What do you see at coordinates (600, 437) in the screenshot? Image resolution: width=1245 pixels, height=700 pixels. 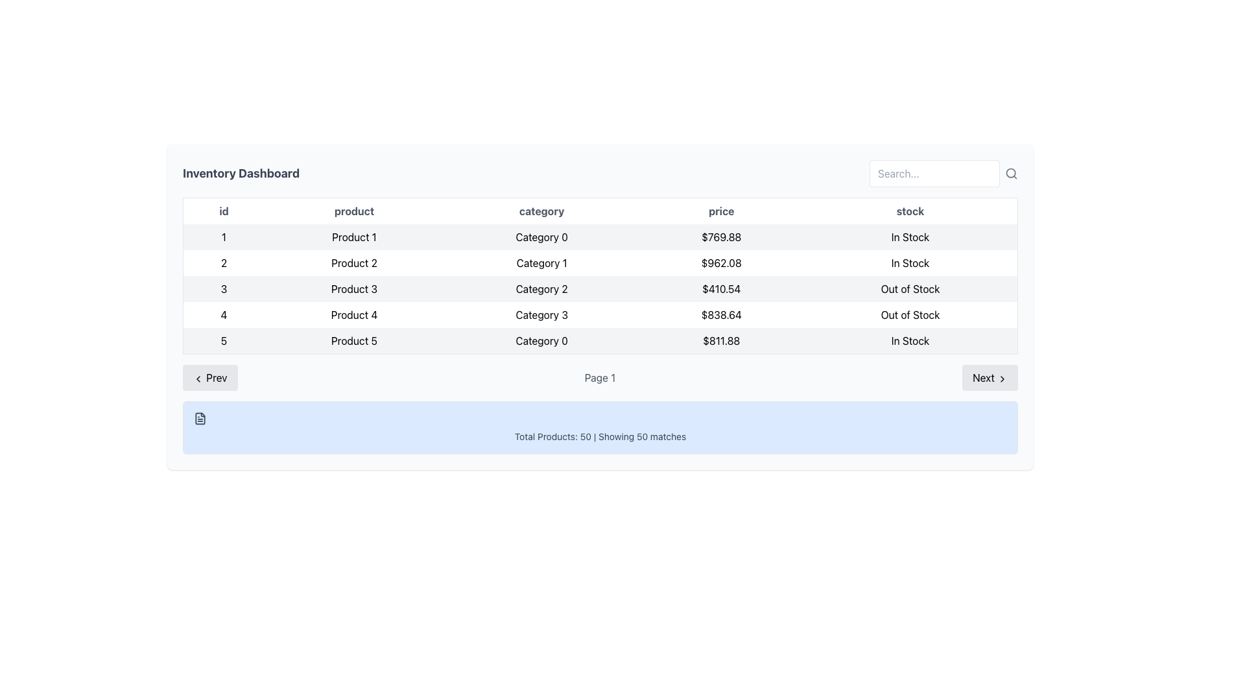 I see `the Text Label displaying 'Total Products: 50 | Showing 50 matches', which is located at the bottom section of the display area, underneath the product table and centered horizontally` at bounding box center [600, 437].